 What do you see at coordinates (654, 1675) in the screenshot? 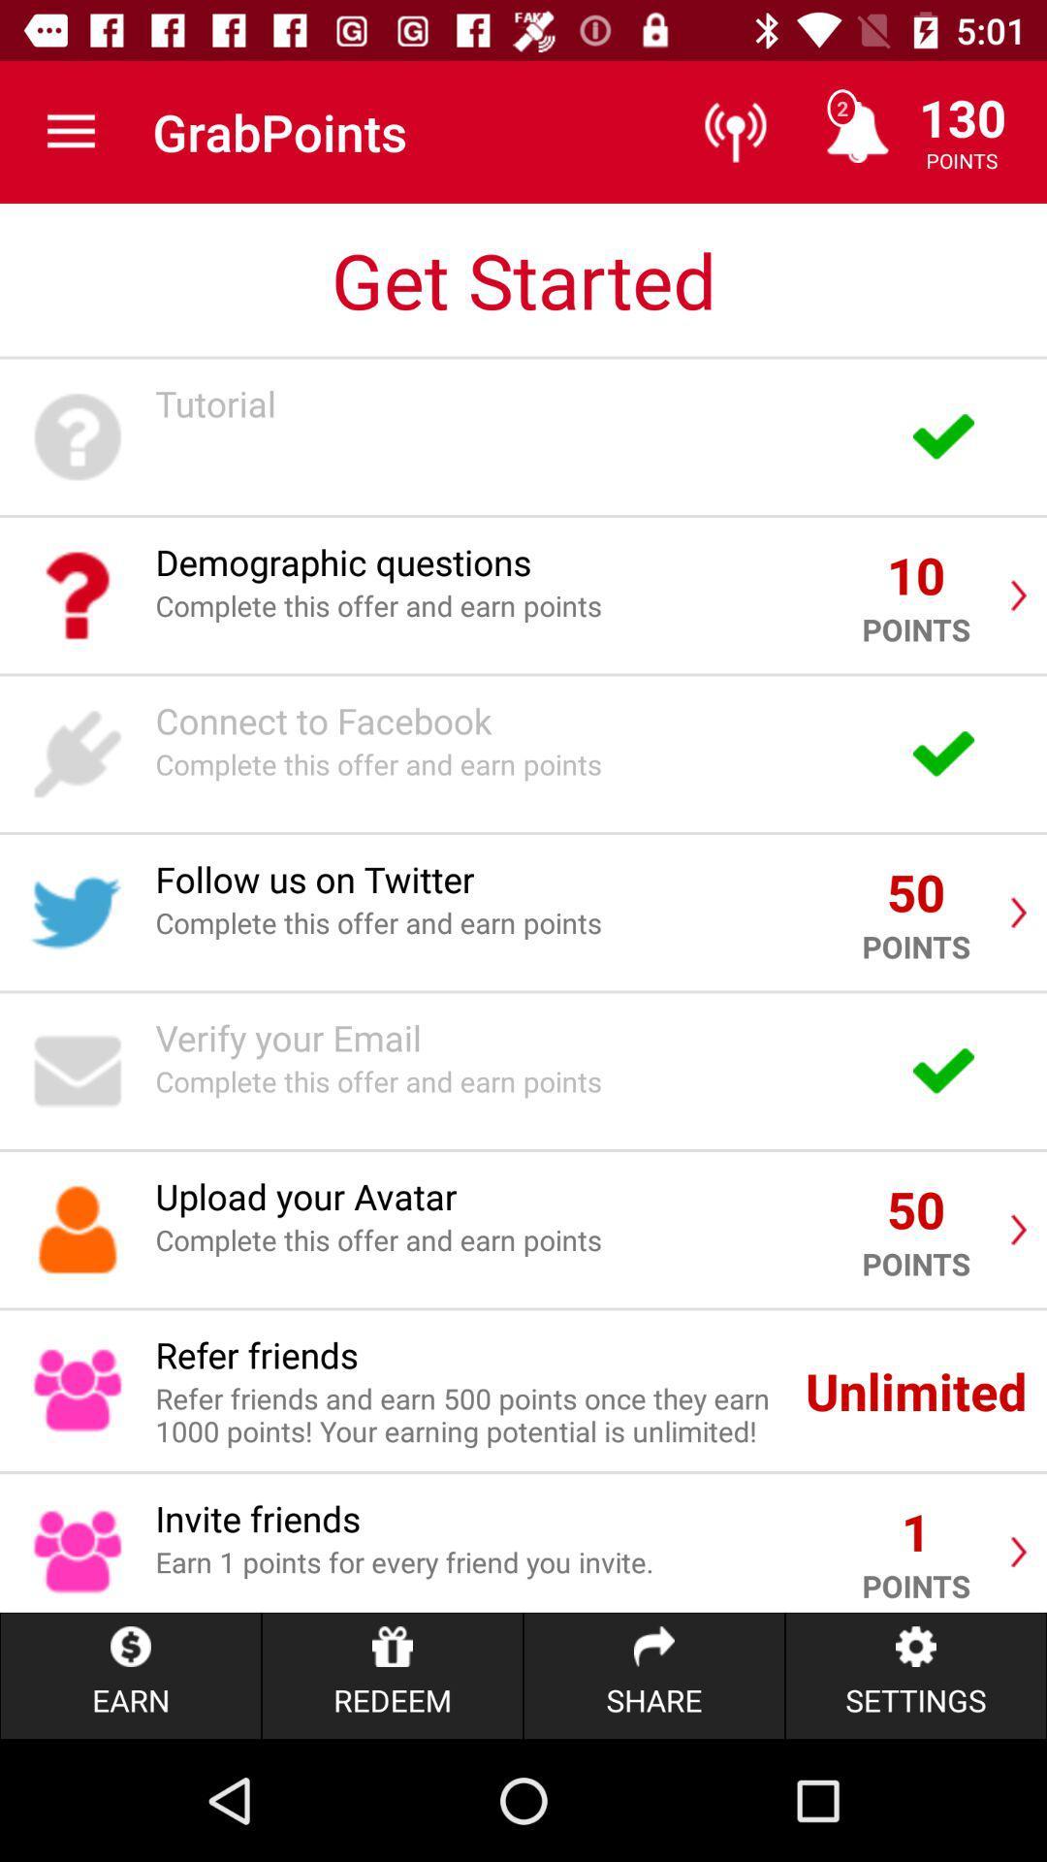
I see `item next to settings` at bounding box center [654, 1675].